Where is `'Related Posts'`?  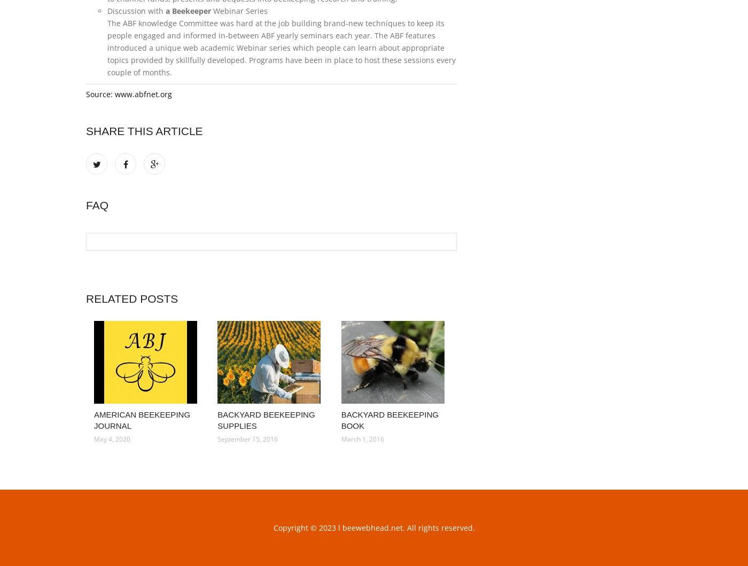 'Related Posts' is located at coordinates (131, 298).